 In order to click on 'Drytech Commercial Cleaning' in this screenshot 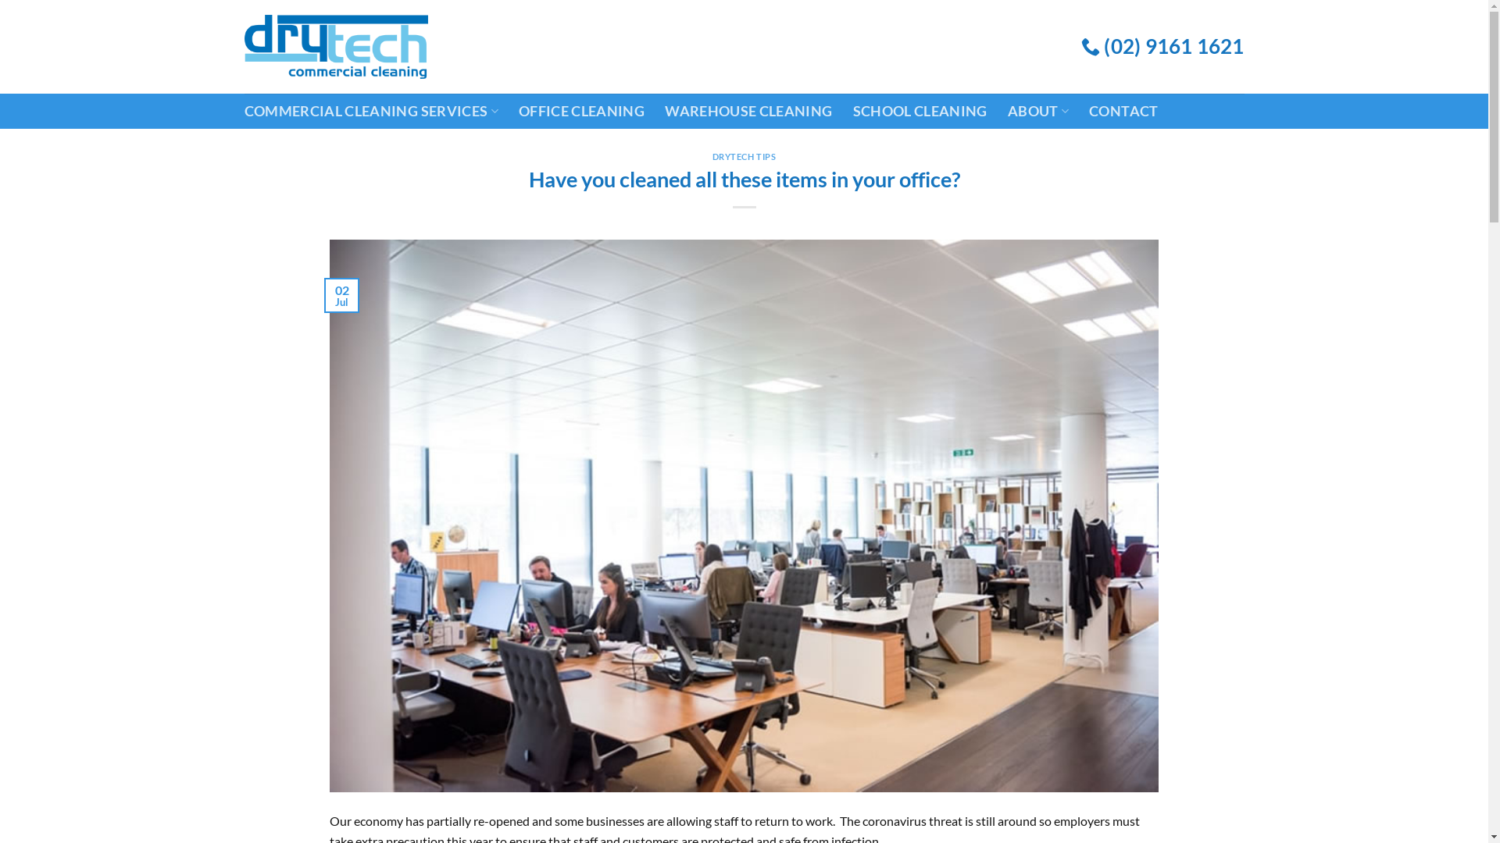, I will do `click(334, 46)`.